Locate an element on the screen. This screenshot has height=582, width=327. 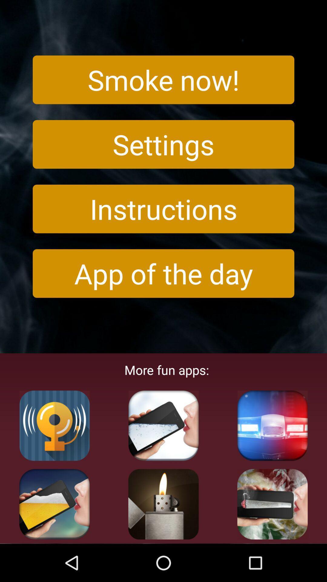
find another app is located at coordinates (272, 504).